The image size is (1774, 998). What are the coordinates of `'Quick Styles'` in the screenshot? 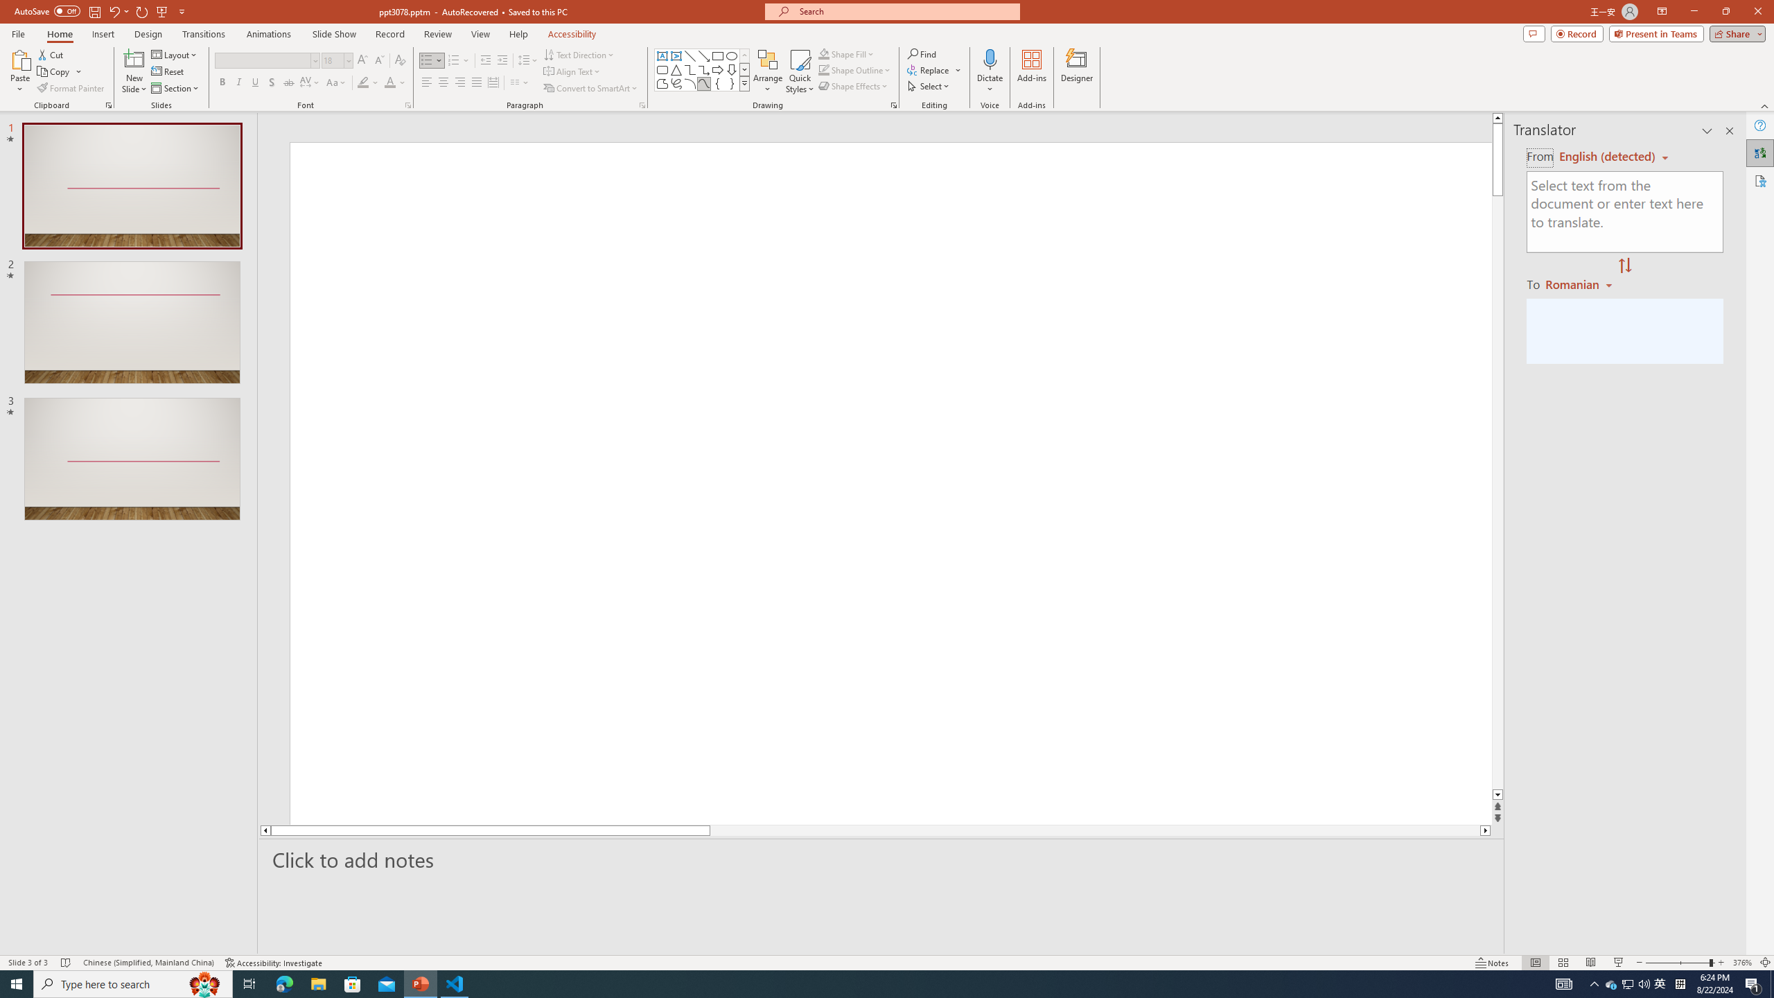 It's located at (799, 71).